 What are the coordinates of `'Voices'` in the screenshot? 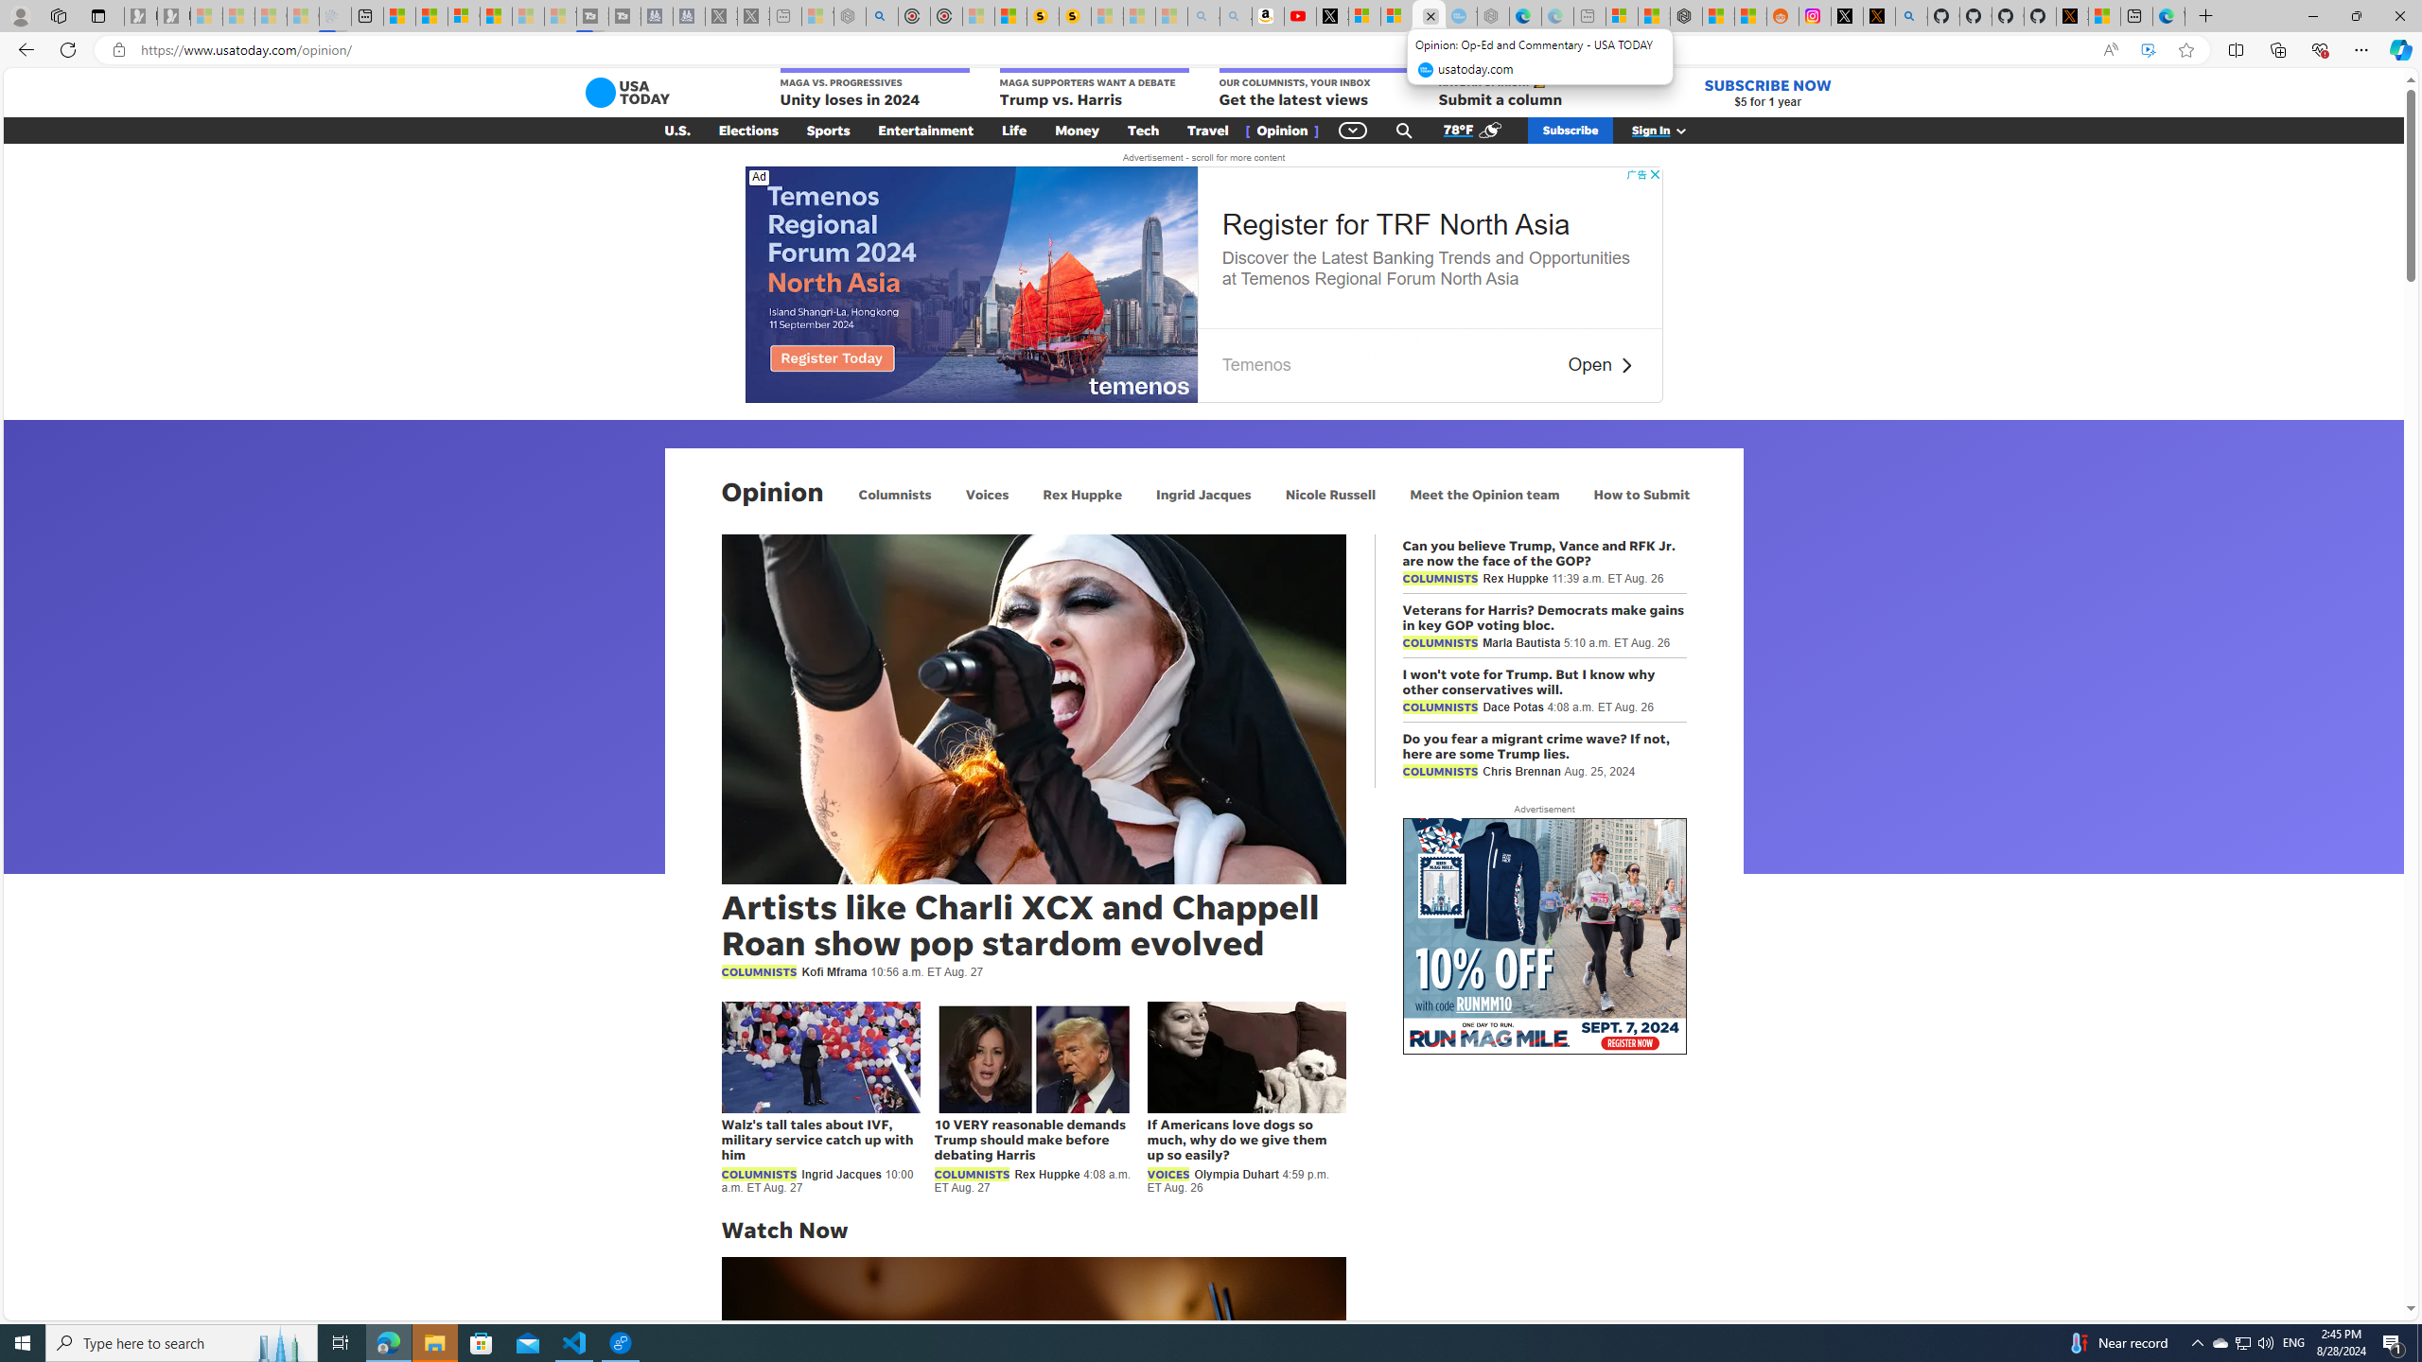 It's located at (987, 493).